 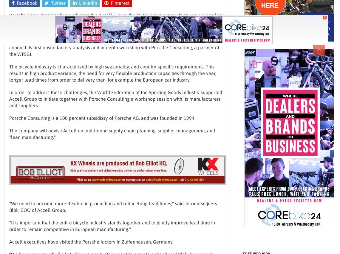 What do you see at coordinates (113, 206) in the screenshot?
I see `'“We need to become more flexible in production and reducelong lead times,” said Jeroen Snijders Blok, COO of Accell Group.'` at bounding box center [113, 206].